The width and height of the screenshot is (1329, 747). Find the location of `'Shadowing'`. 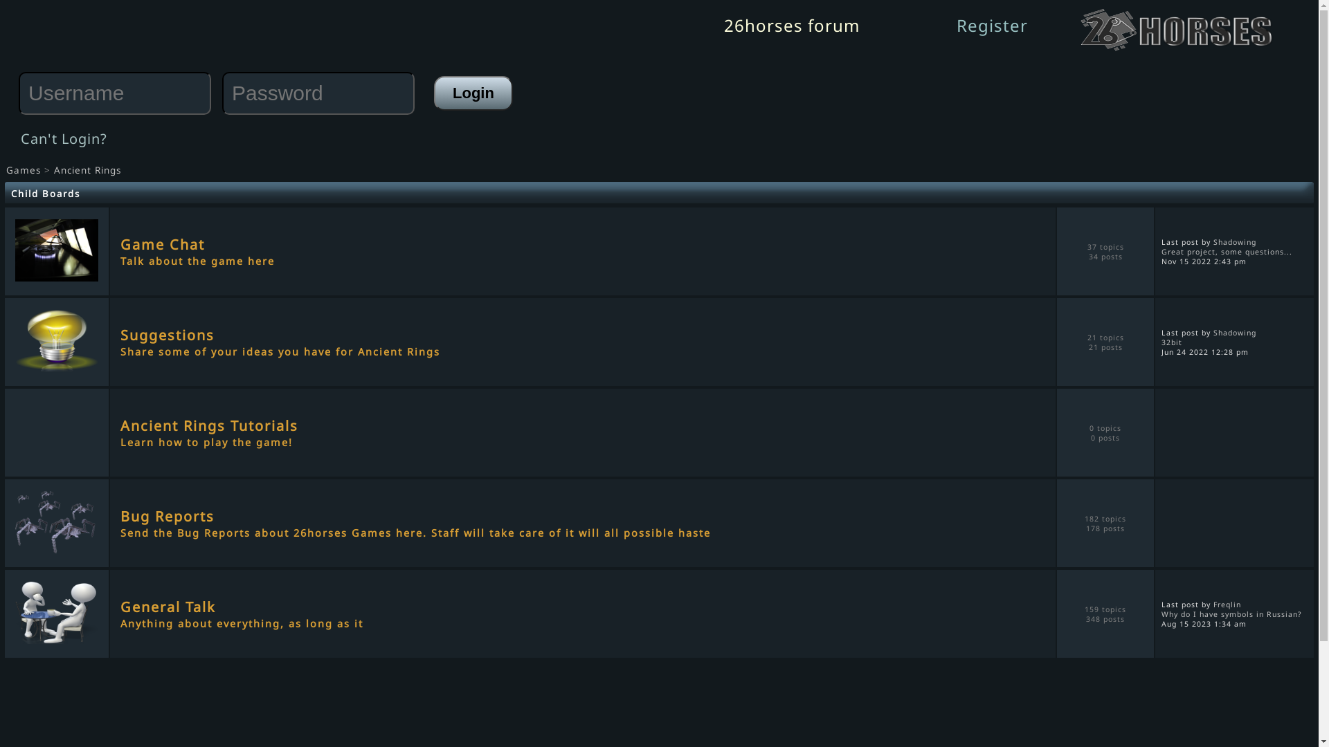

'Shadowing' is located at coordinates (1235, 333).